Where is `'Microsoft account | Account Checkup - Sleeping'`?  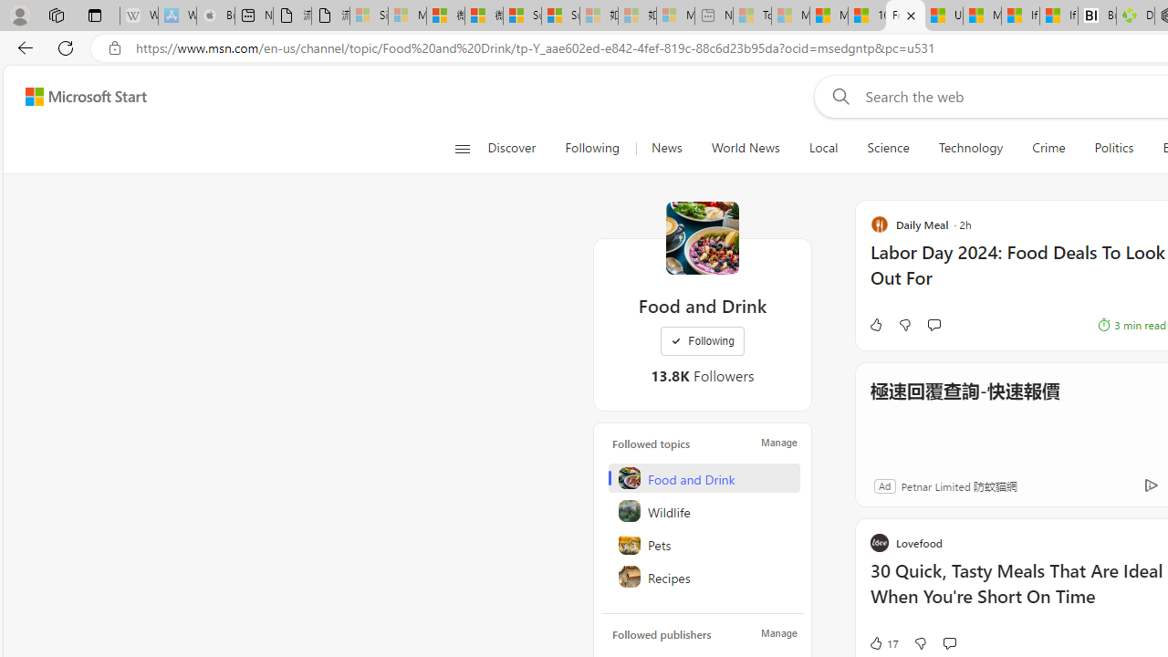 'Microsoft account | Account Checkup - Sleeping' is located at coordinates (674, 16).